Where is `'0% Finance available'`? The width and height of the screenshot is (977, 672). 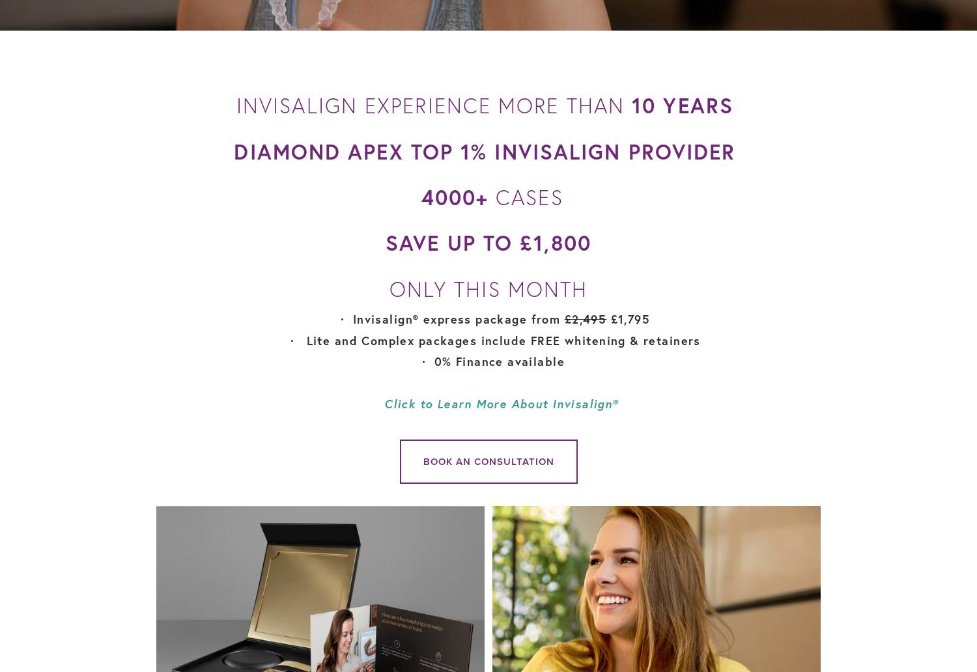 '0% Finance available' is located at coordinates (501, 361).